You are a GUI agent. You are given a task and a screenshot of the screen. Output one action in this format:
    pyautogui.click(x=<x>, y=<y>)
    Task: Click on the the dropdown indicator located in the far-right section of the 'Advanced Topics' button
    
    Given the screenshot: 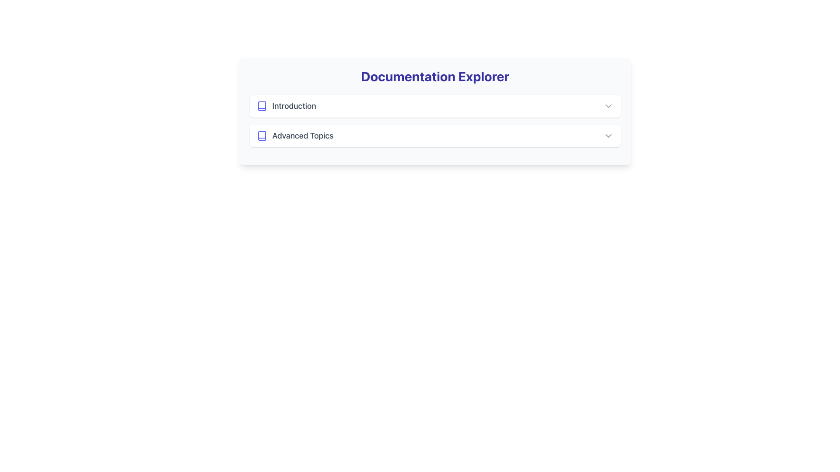 What is the action you would take?
    pyautogui.click(x=608, y=136)
    